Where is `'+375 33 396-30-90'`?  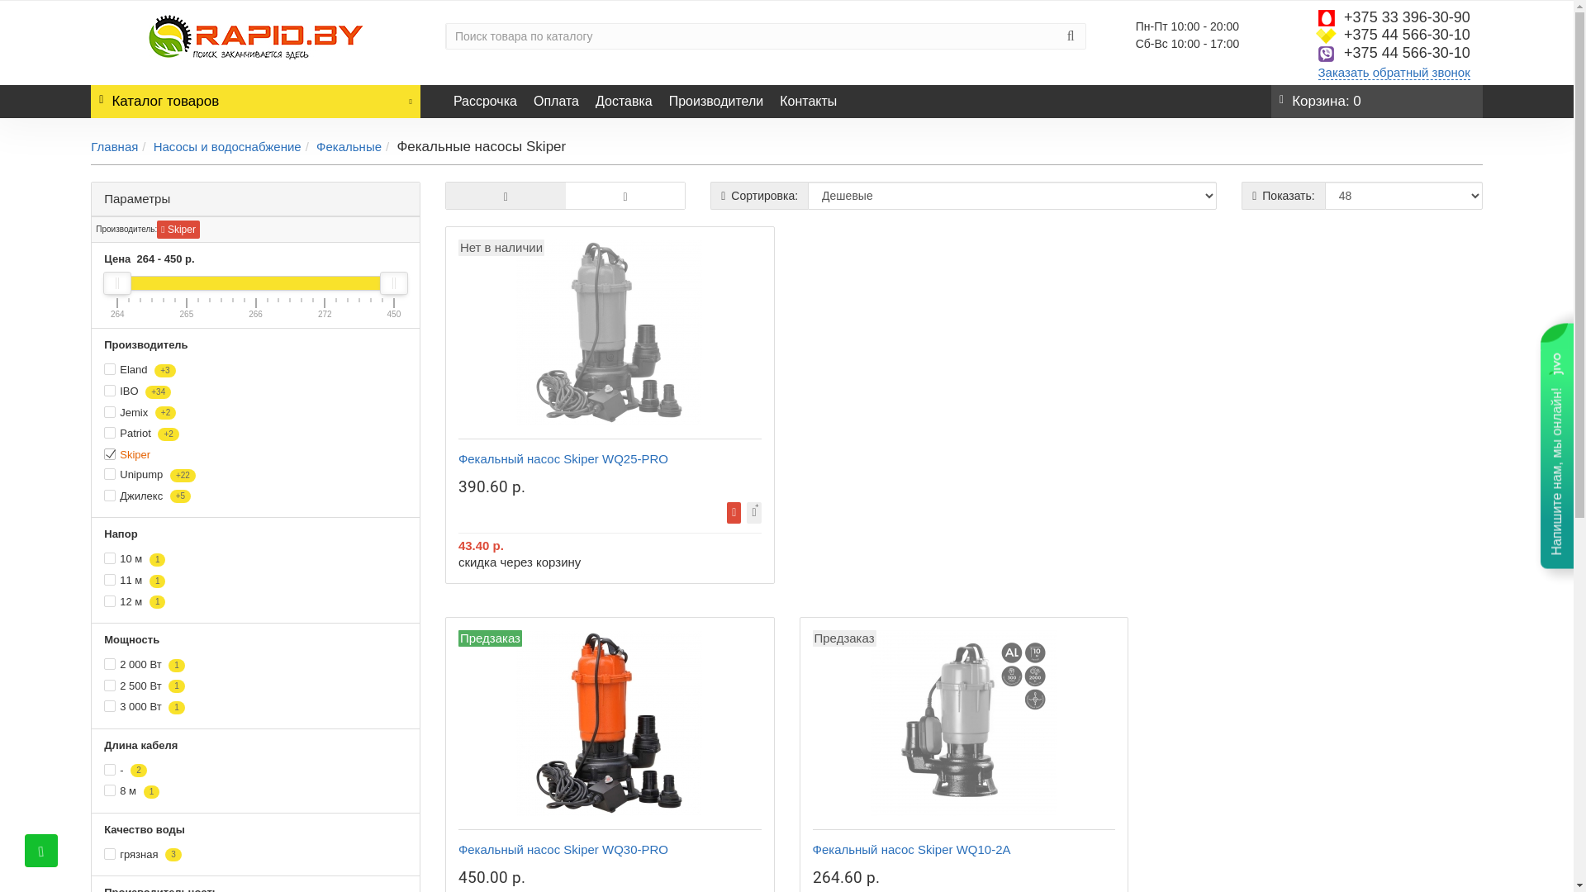 '+375 33 396-30-90' is located at coordinates (1406, 17).